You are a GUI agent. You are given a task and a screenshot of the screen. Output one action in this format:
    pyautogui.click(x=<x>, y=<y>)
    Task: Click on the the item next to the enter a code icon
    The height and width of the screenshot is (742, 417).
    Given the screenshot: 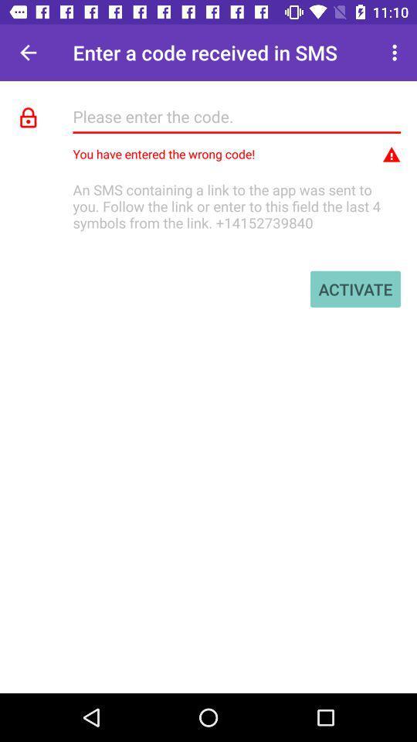 What is the action you would take?
    pyautogui.click(x=396, y=53)
    